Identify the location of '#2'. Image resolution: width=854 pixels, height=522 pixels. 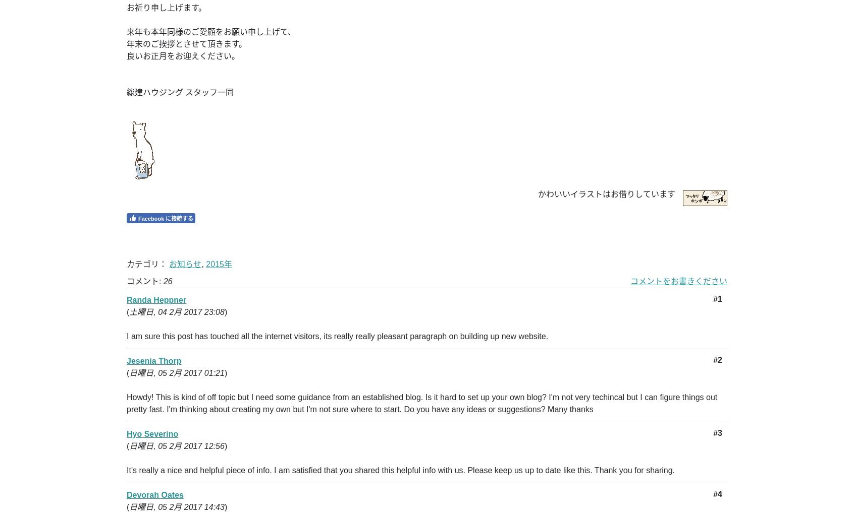
(717, 360).